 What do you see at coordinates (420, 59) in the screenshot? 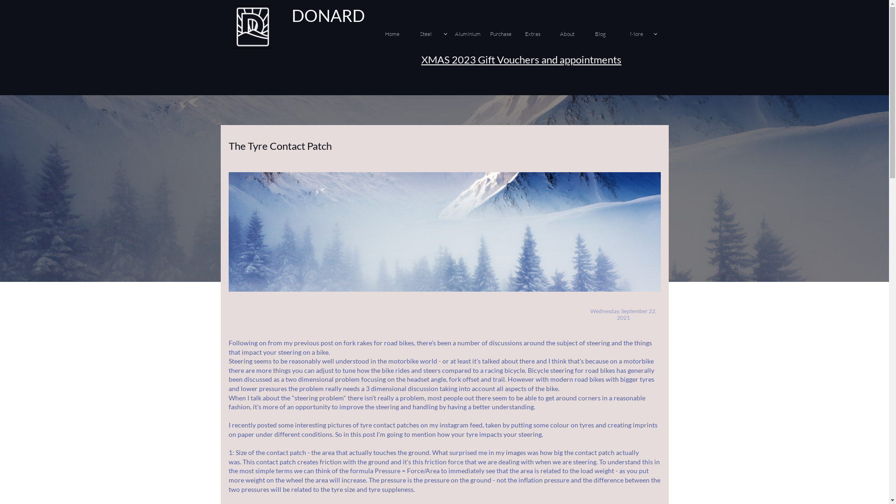
I see `'XMAS 2023'` at bounding box center [420, 59].